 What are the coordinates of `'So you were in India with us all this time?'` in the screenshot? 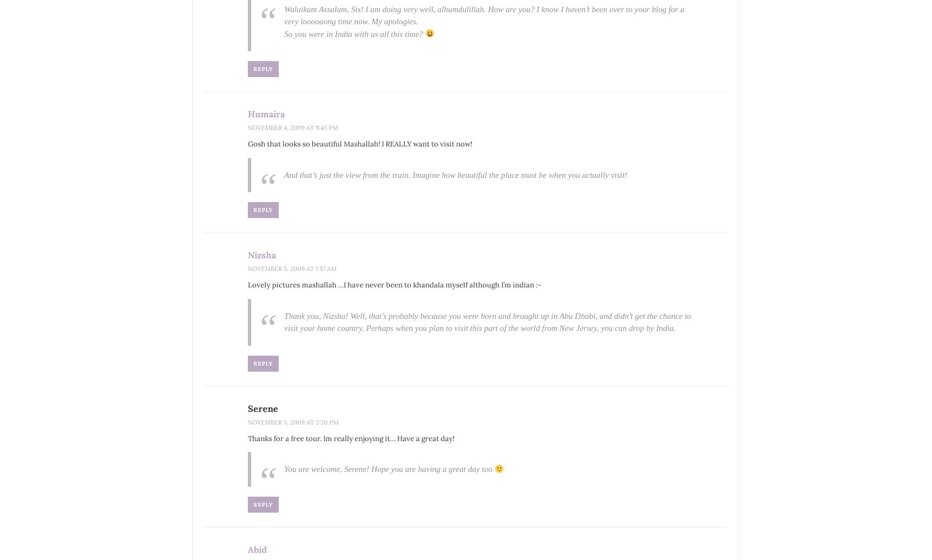 It's located at (354, 34).